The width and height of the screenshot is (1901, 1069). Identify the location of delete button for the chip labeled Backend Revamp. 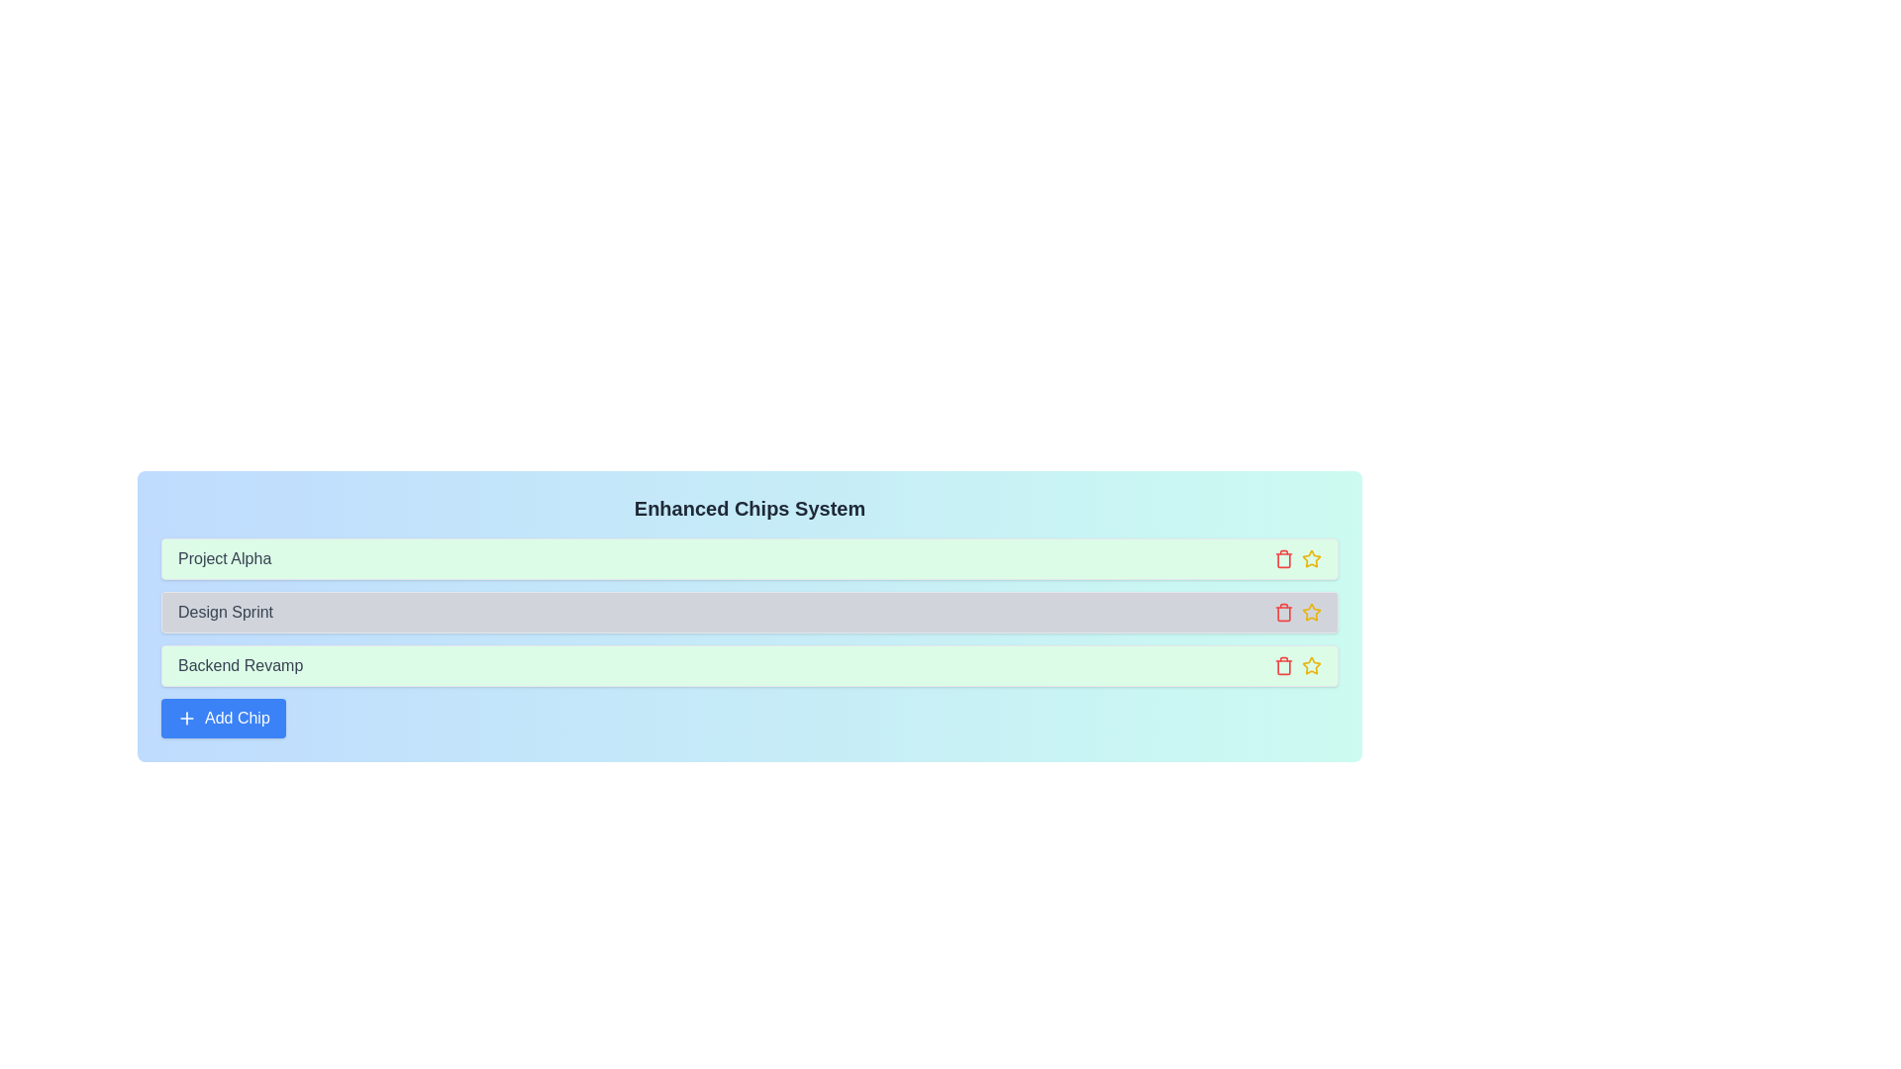
(1283, 665).